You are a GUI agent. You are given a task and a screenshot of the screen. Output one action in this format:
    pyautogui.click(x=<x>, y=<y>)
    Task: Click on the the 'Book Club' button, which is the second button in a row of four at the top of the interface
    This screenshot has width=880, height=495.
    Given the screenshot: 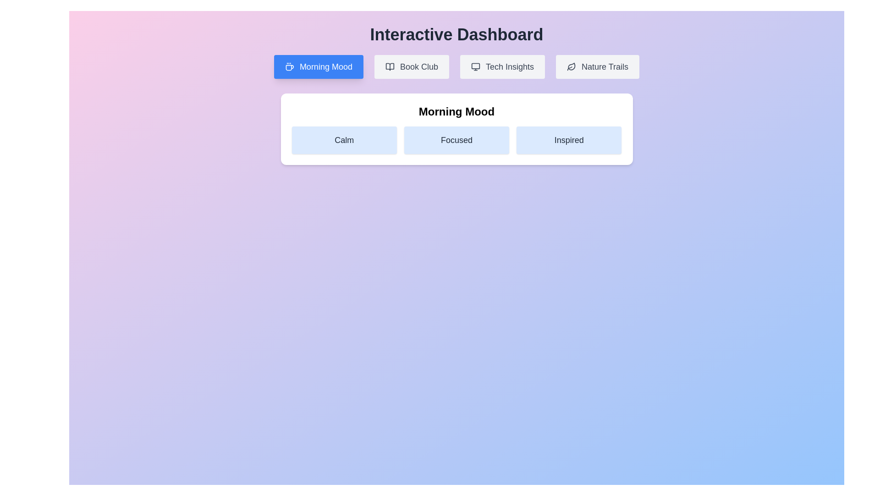 What is the action you would take?
    pyautogui.click(x=411, y=66)
    